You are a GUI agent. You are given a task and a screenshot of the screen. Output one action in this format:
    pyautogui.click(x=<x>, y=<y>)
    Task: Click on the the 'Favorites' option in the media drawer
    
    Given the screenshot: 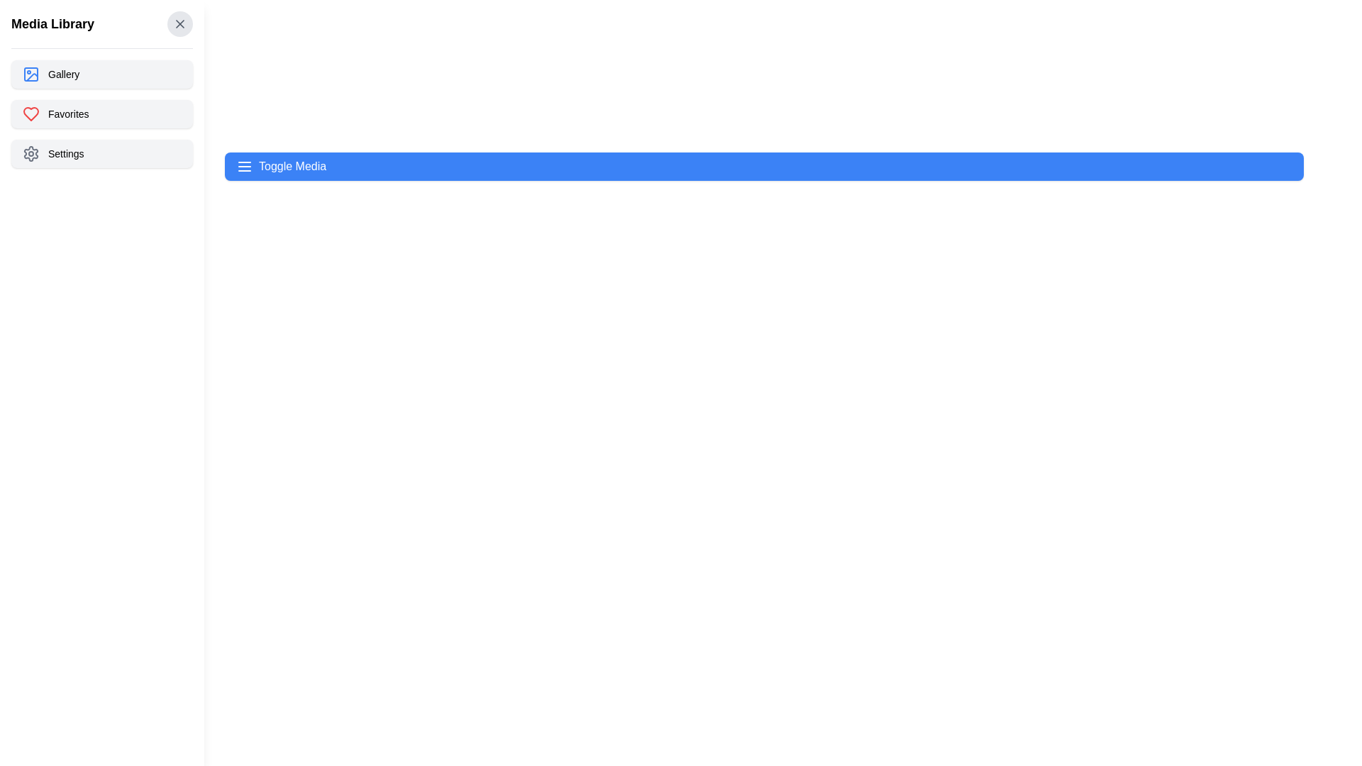 What is the action you would take?
    pyautogui.click(x=101, y=113)
    